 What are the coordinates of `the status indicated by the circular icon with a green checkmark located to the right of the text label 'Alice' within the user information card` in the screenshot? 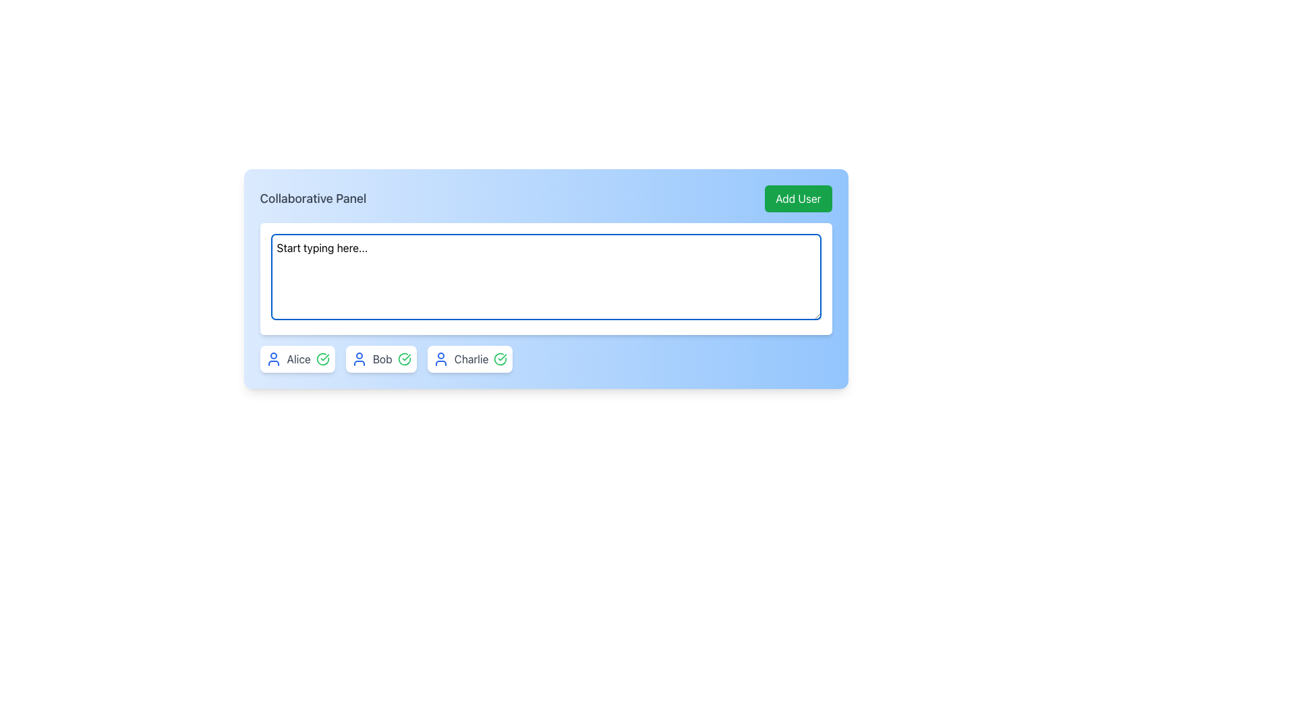 It's located at (322, 358).